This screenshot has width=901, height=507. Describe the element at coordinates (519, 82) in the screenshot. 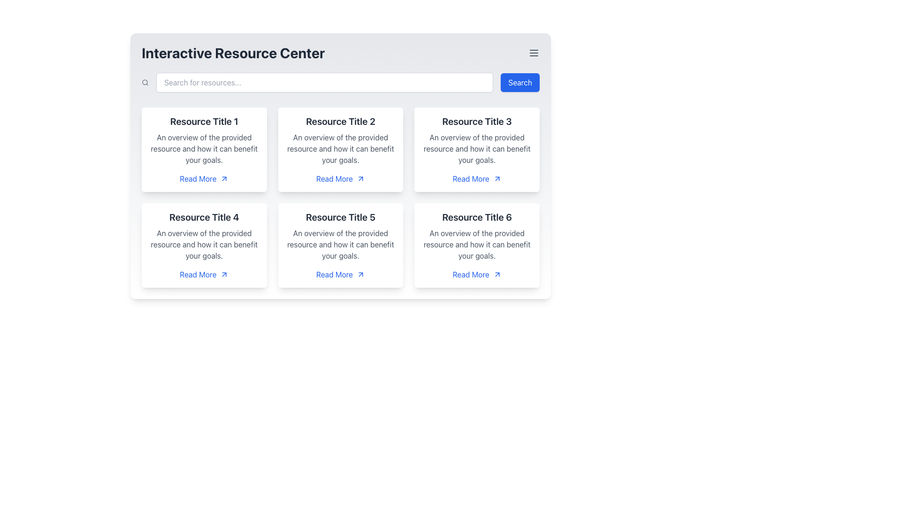

I see `the 'Search' button, which is a rectangular button with white text on a blue background, located at the top-right corner of the interface below the title 'Interactive Resource Center'` at that location.